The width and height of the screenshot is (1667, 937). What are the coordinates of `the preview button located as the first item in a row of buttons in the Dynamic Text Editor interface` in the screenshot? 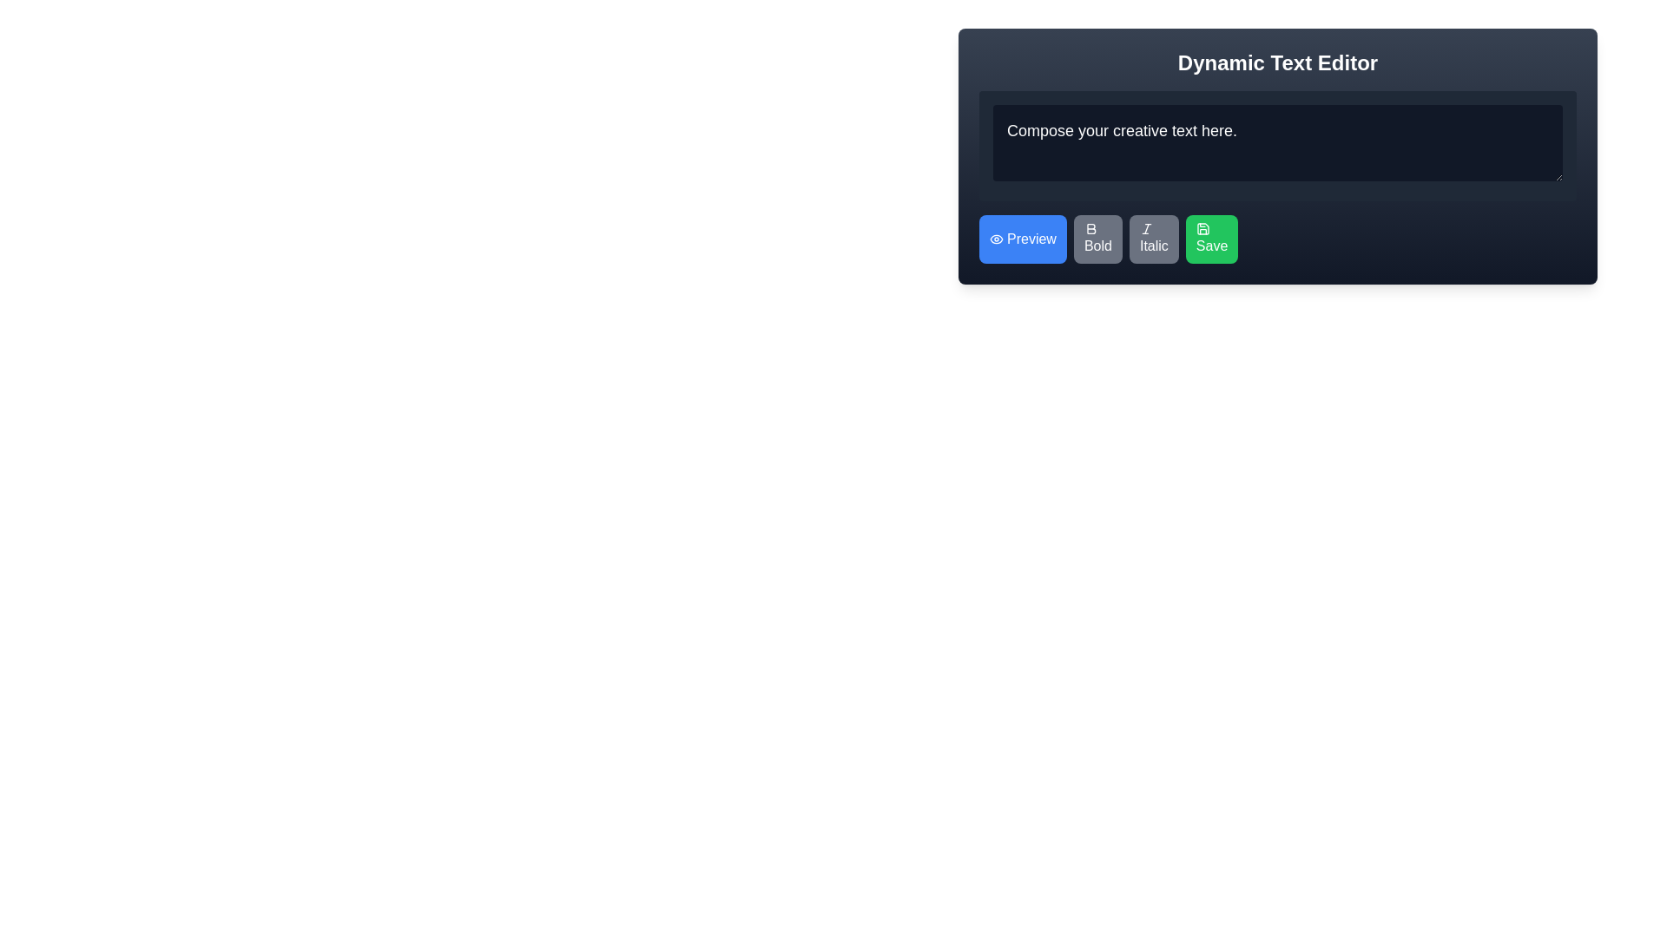 It's located at (1022, 239).